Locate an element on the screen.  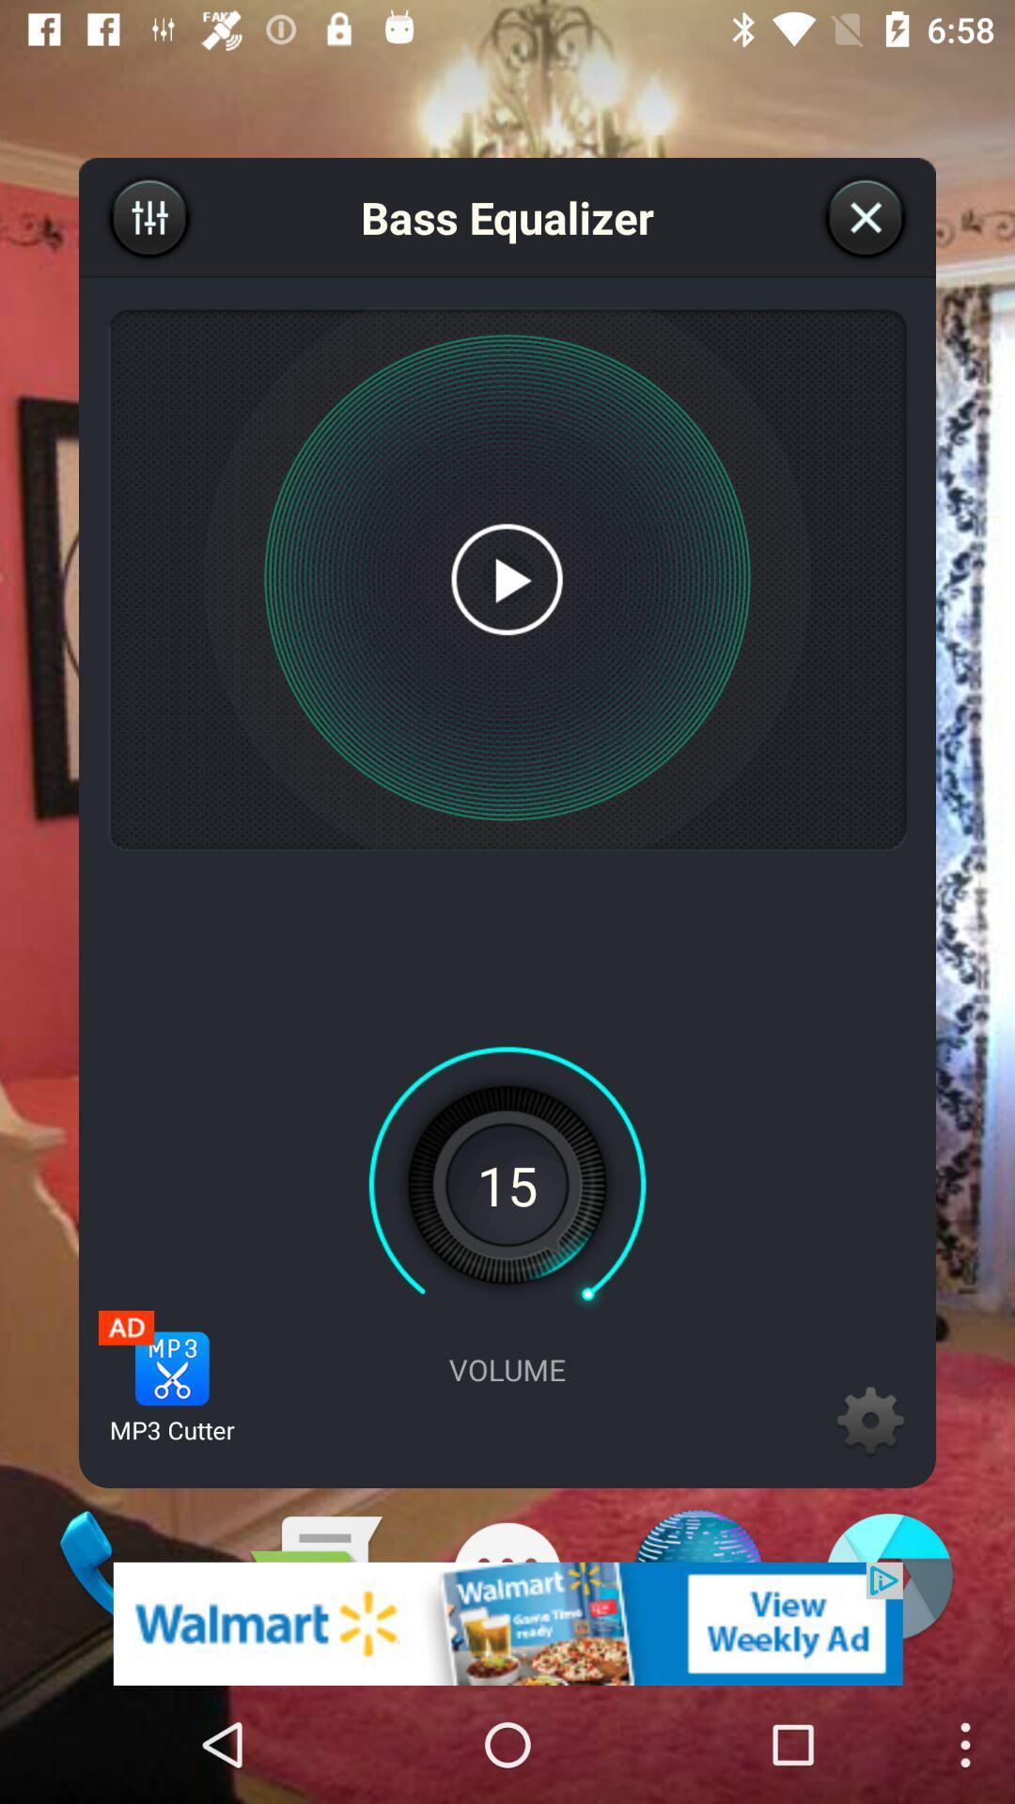
the settings icon is located at coordinates (869, 1422).